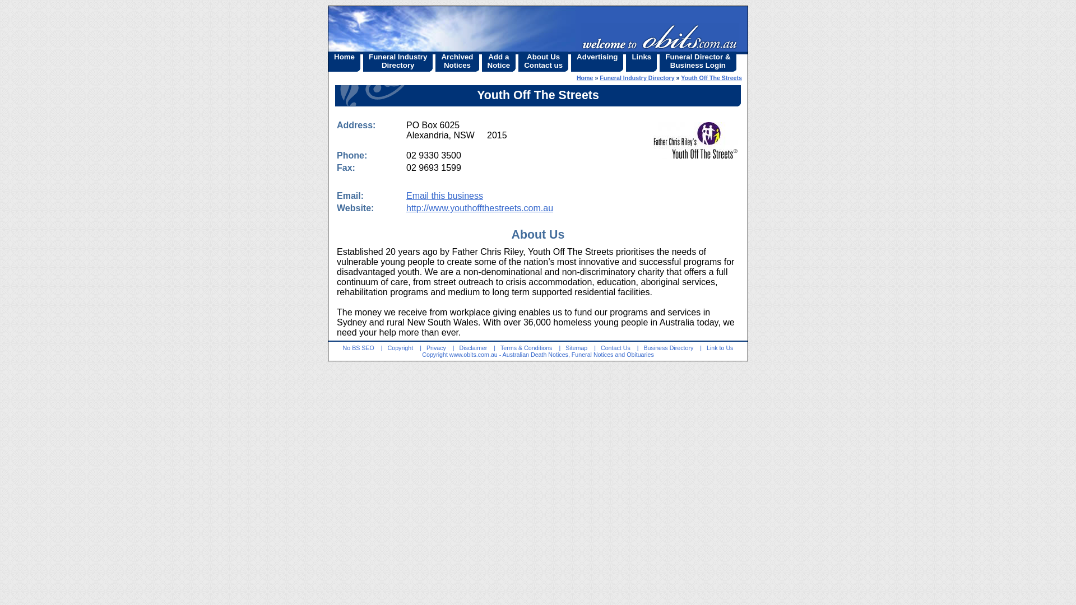  What do you see at coordinates (498, 62) in the screenshot?
I see `'Add a` at bounding box center [498, 62].